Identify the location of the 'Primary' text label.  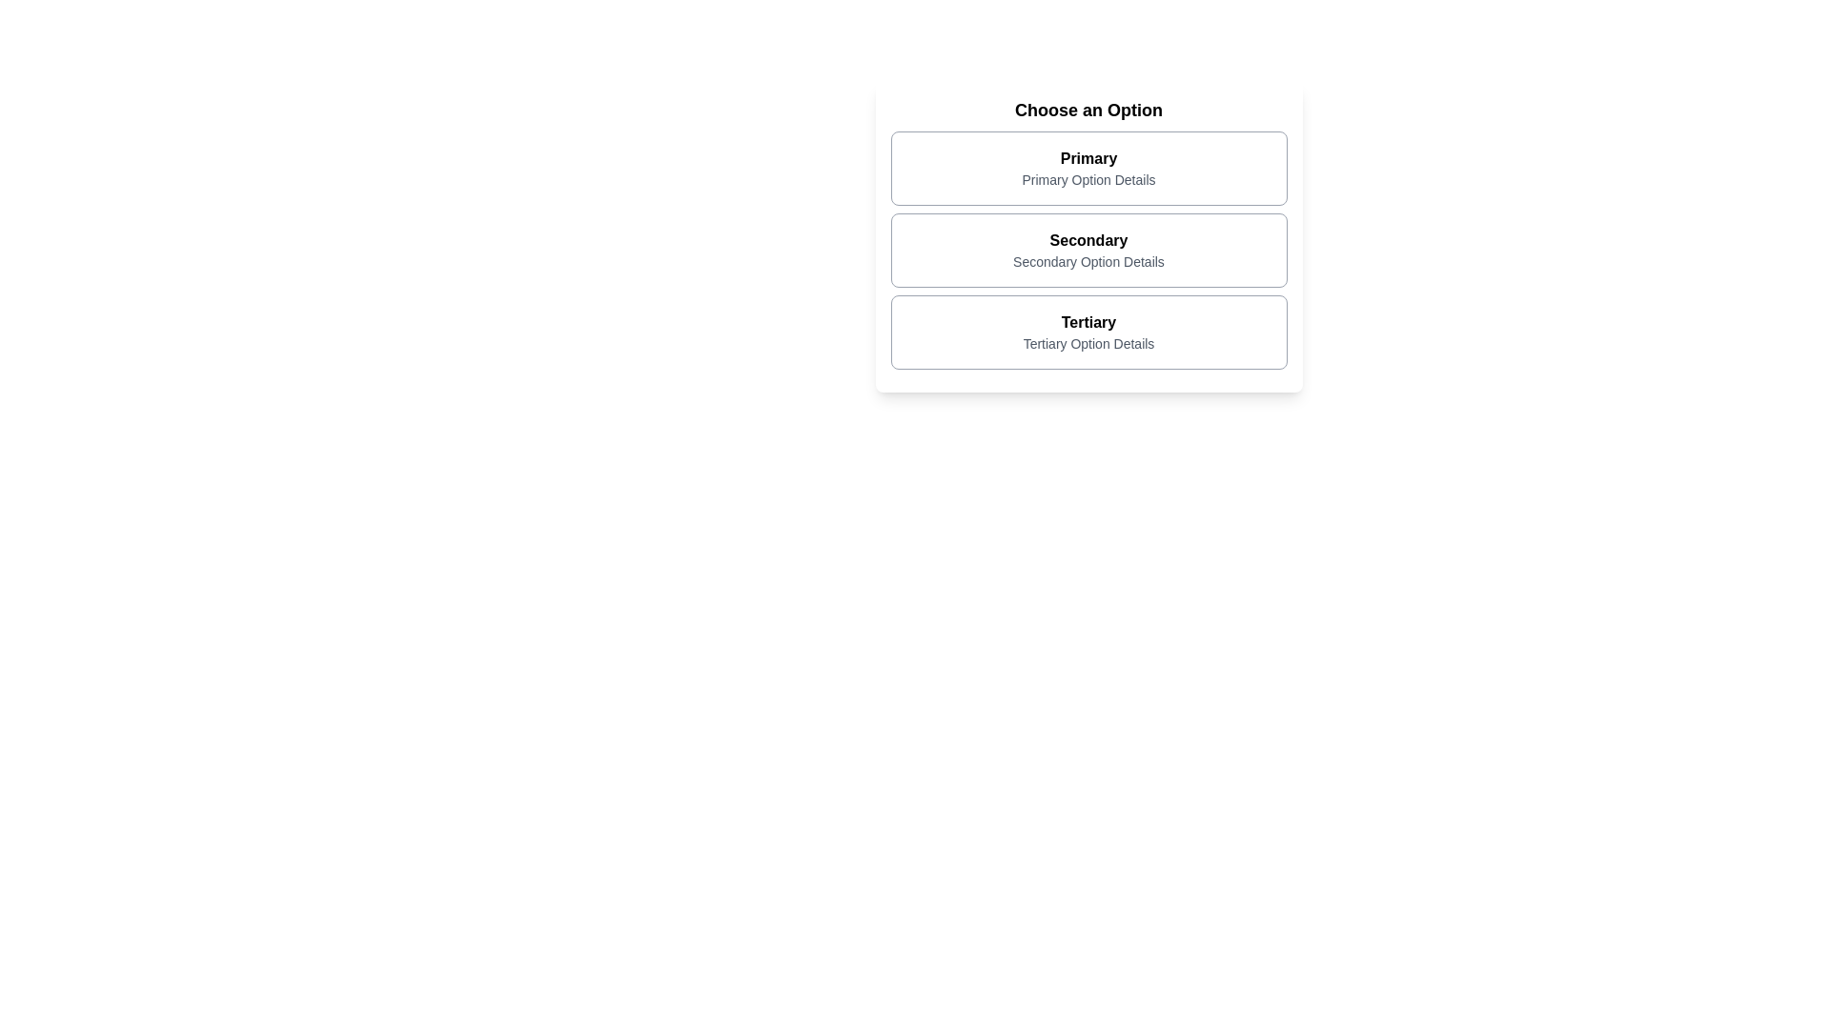
(1088, 157).